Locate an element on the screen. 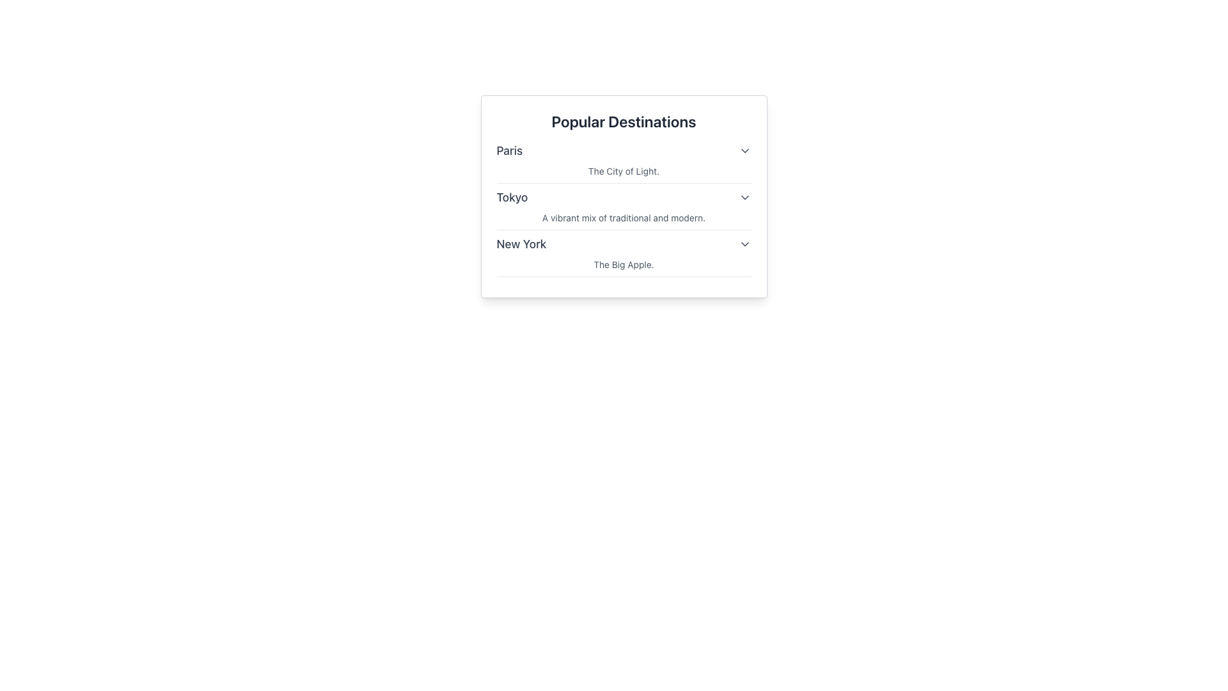  the third list item related to New York is located at coordinates (624, 256).